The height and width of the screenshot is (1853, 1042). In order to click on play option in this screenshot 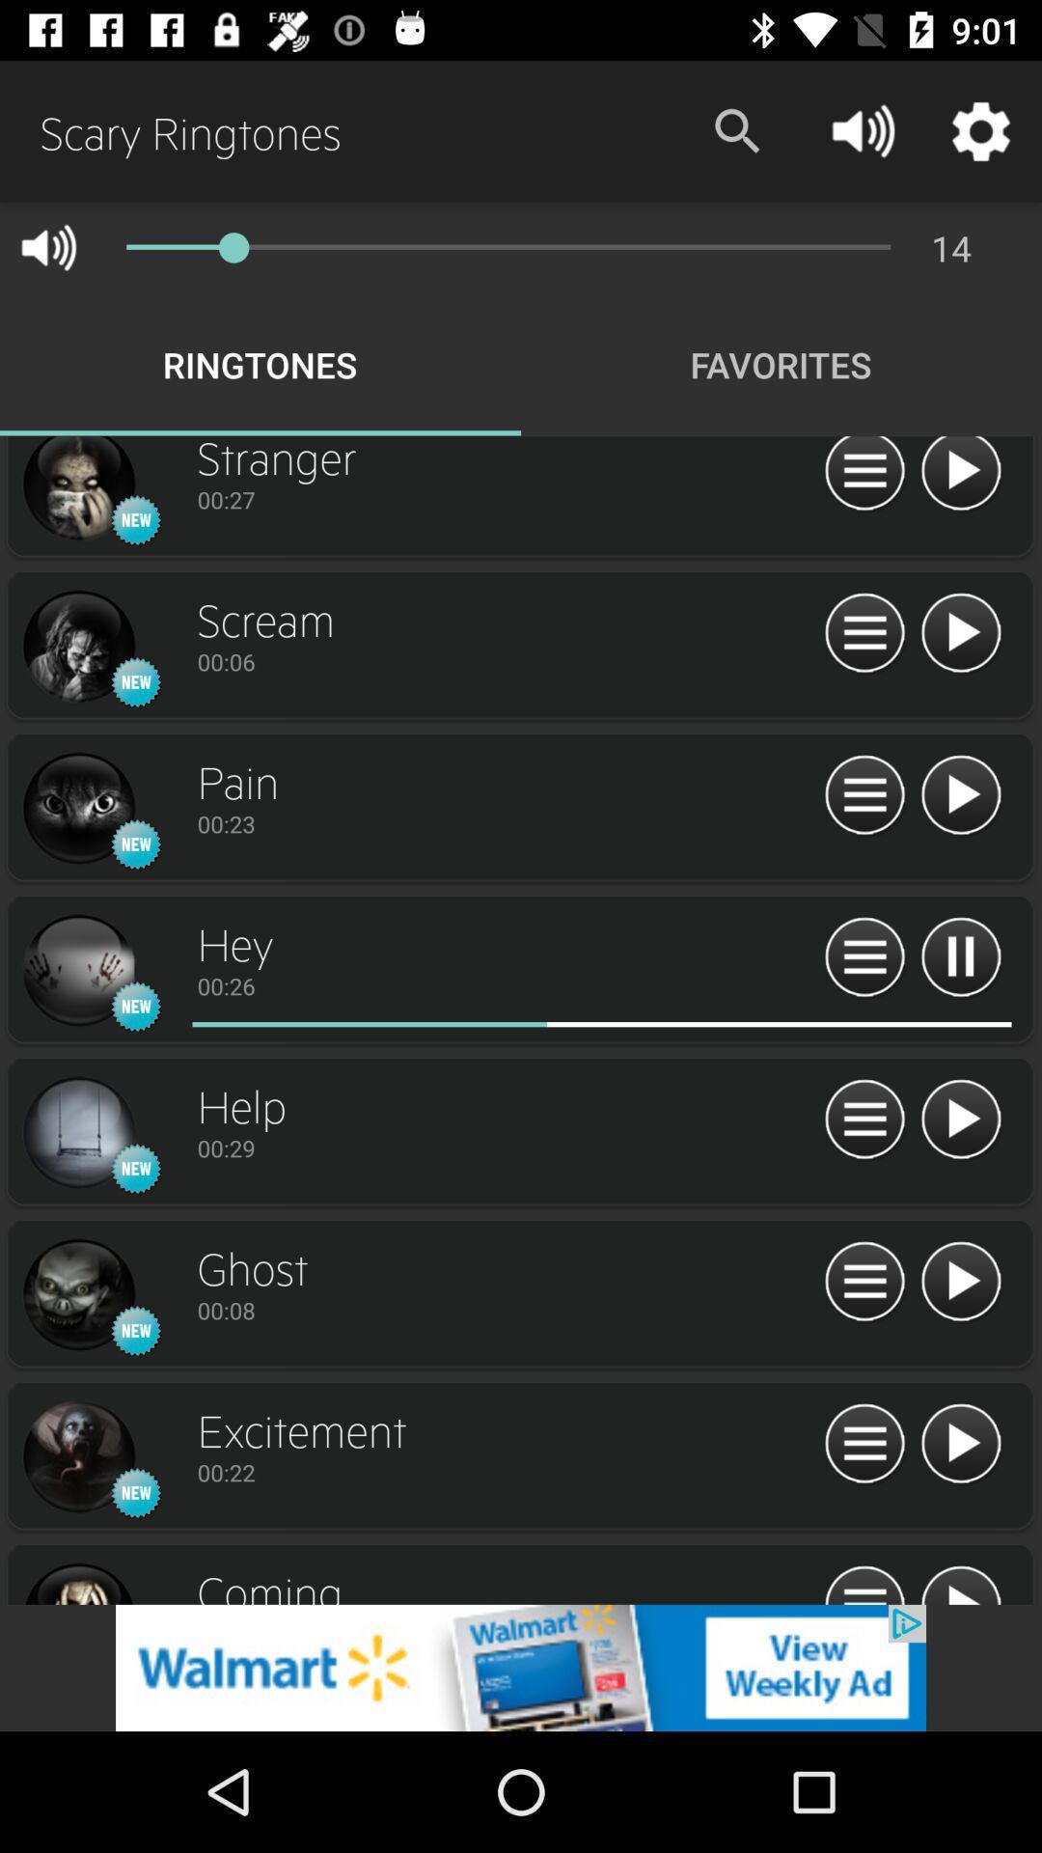, I will do `click(960, 1120)`.